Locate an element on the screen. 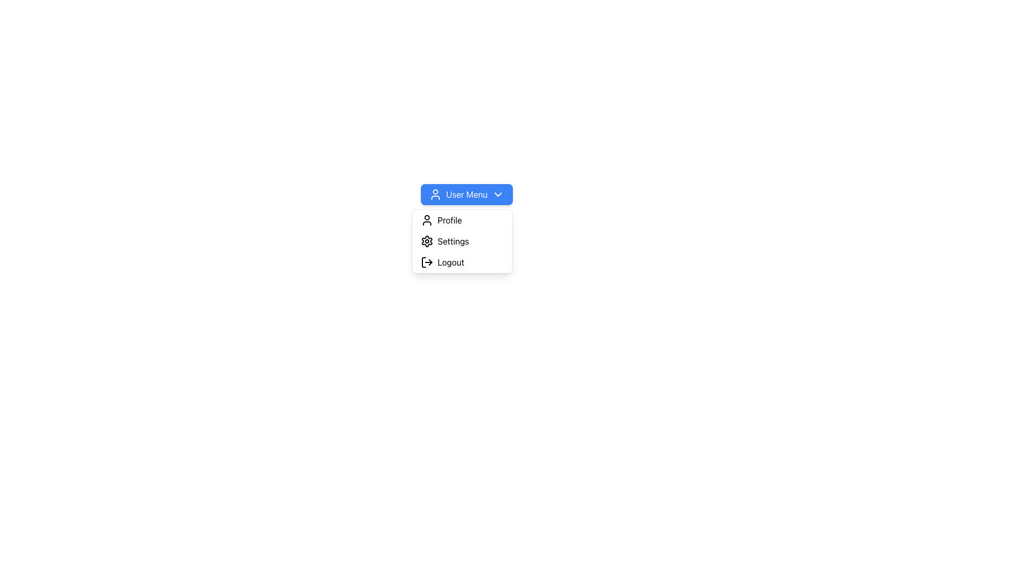  the gear icon representing settings functionality, located next to the 'Settings' label in the dropdown menu is located at coordinates (427, 241).